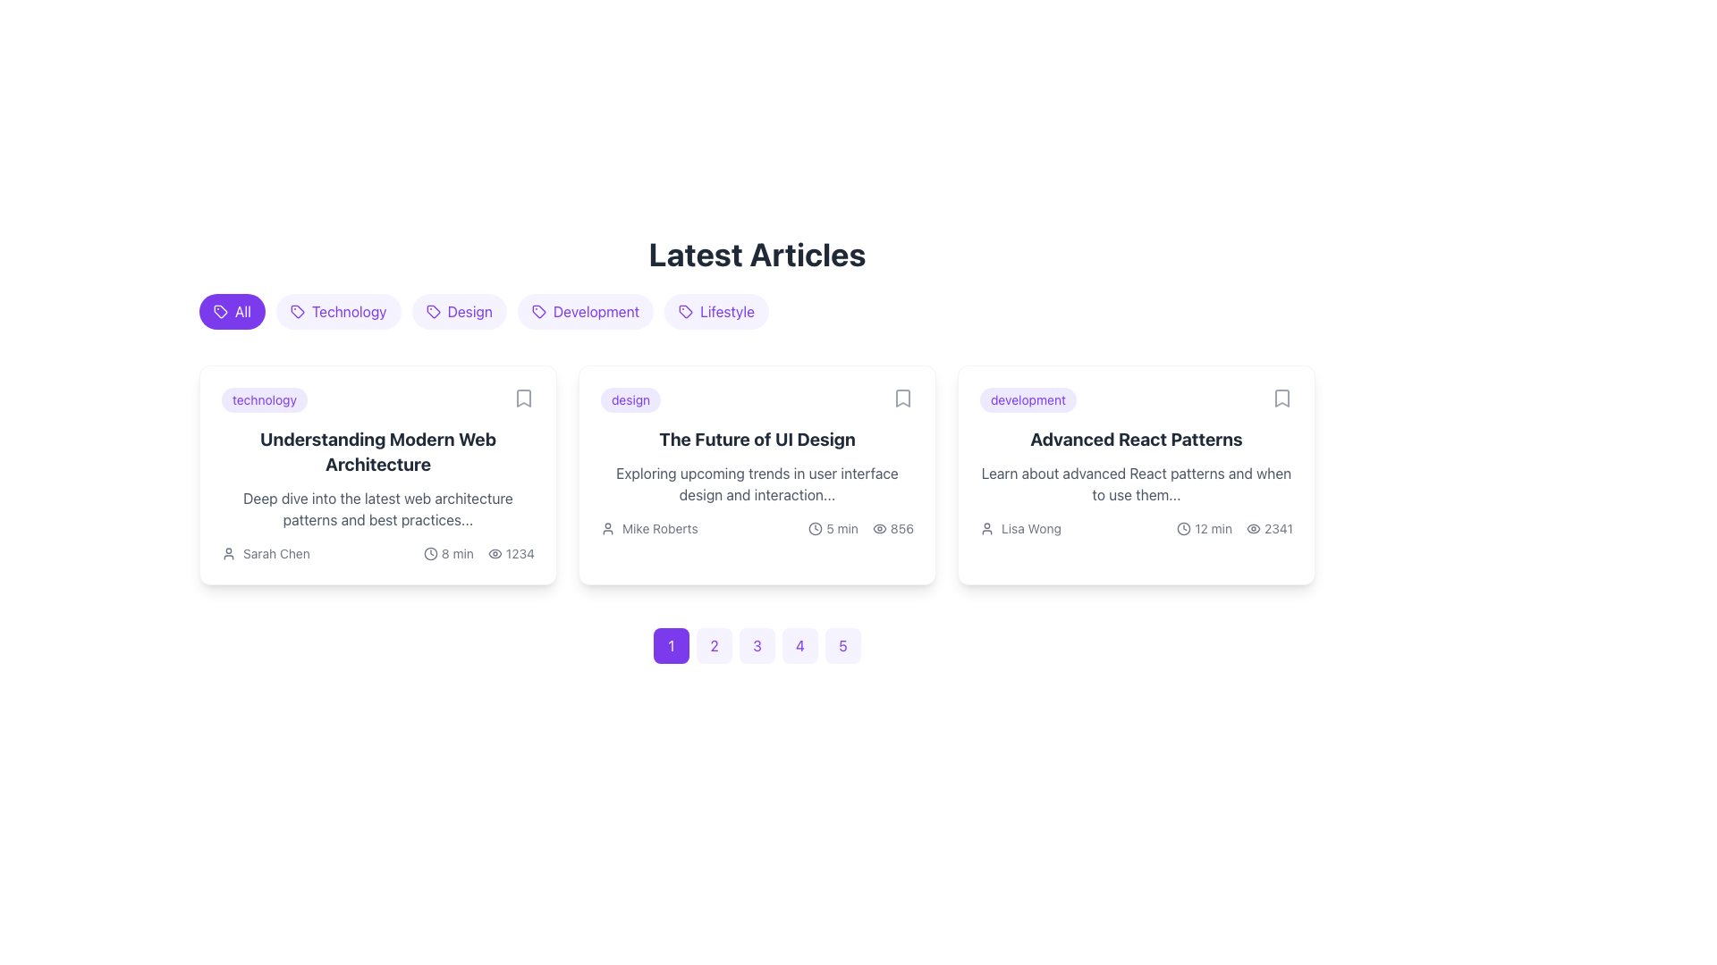 This screenshot has height=965, width=1717. What do you see at coordinates (459, 310) in the screenshot?
I see `the 'Design' category button, which is a rounded, purple button with the text 'Design' and a tag icon on its left, located between the 'Technology' and 'Development' buttons` at bounding box center [459, 310].